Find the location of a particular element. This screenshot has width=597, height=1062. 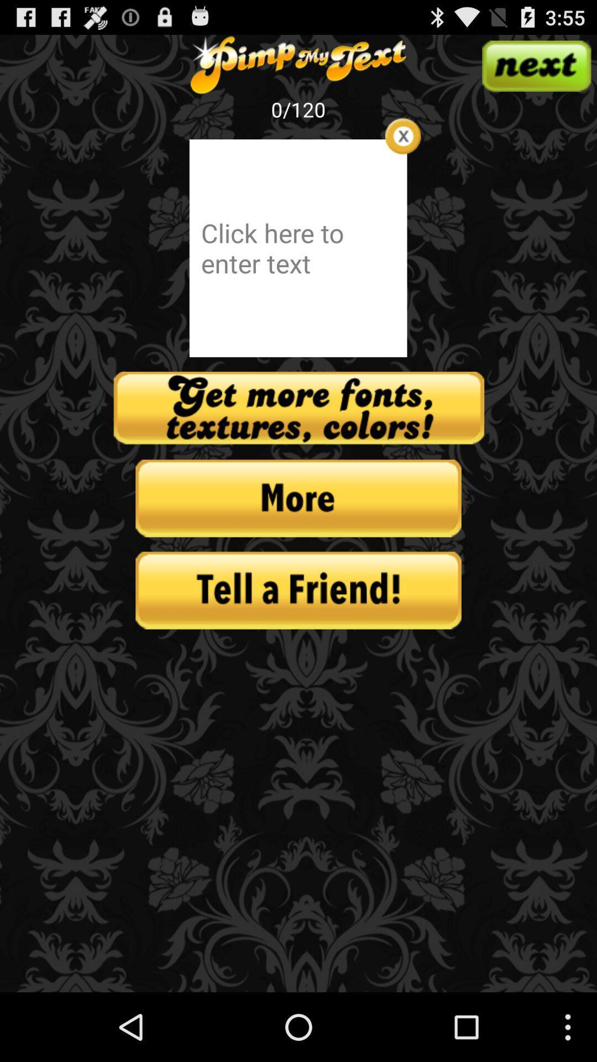

go next is located at coordinates (536, 65).